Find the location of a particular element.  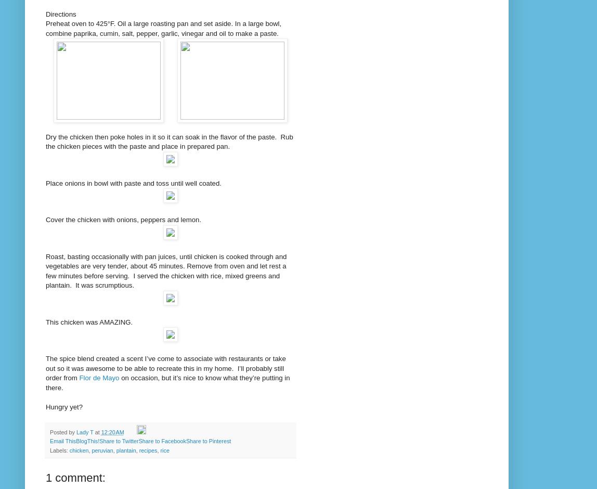

'Dry the chicken then poke holes in it so it can soak in the flavor of the paste.' is located at coordinates (161, 136).